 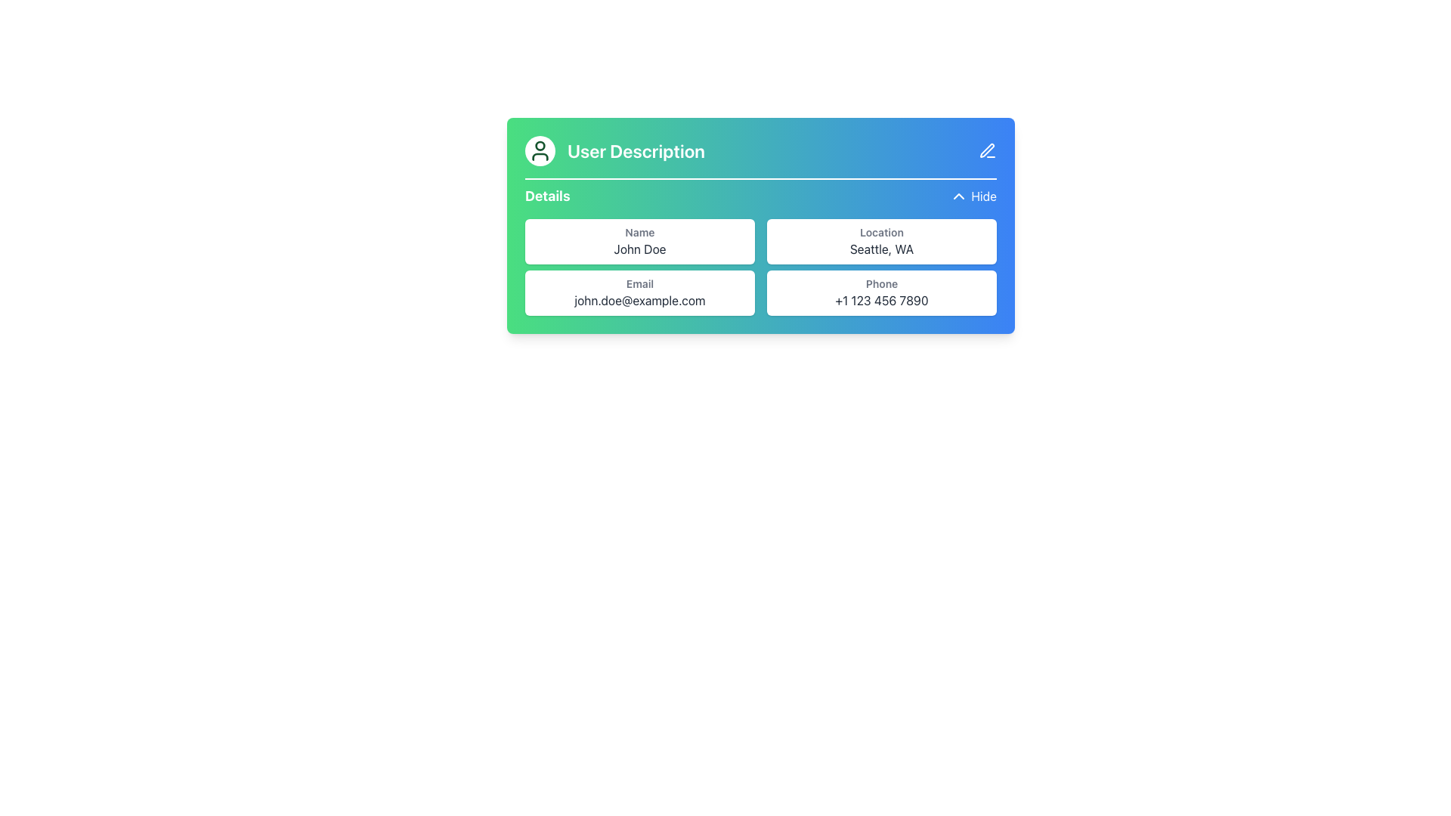 What do you see at coordinates (987, 150) in the screenshot?
I see `the small white pen nib icon located in the top-right corner of the interface` at bounding box center [987, 150].